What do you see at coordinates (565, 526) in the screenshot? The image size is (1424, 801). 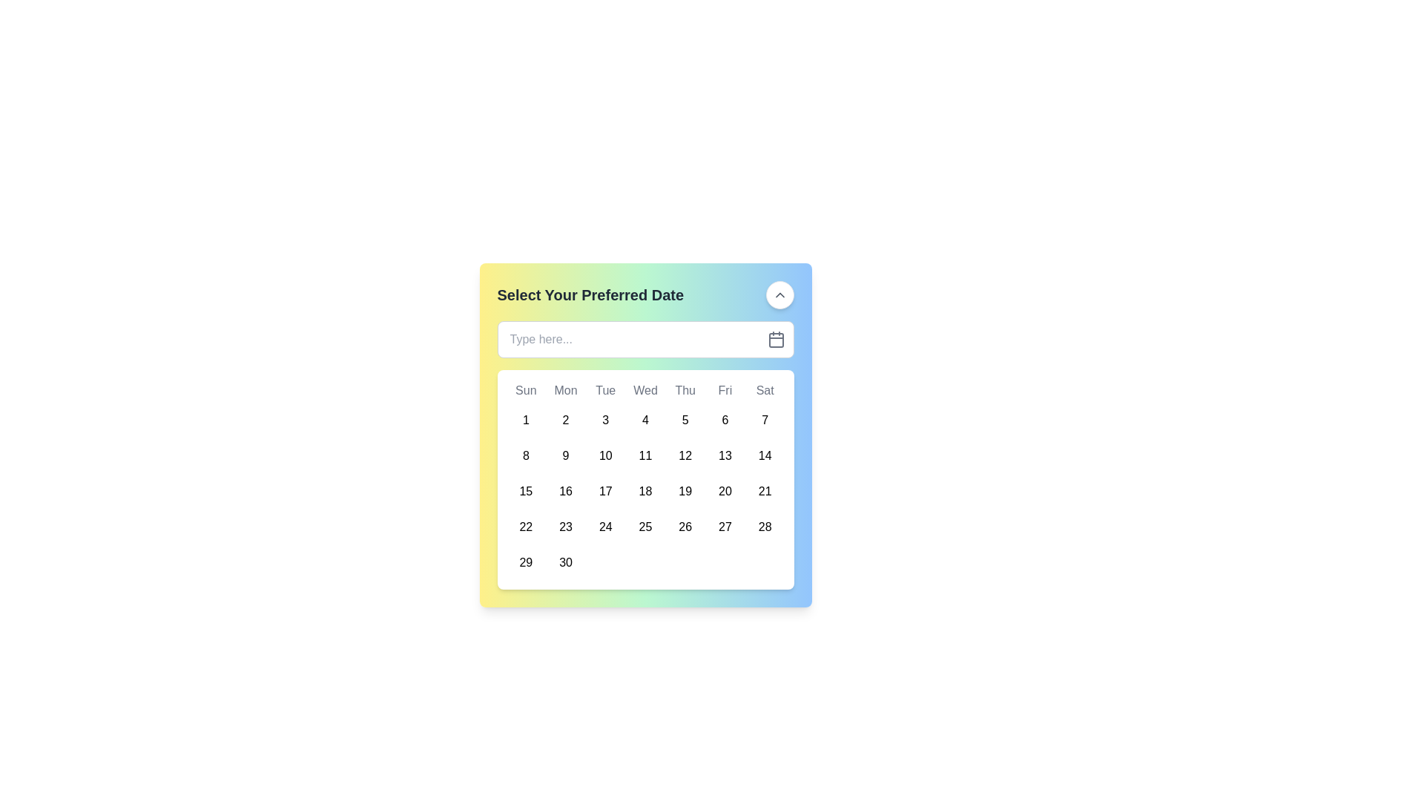 I see `the selectable date button for '23' in the calendar grid under 'Select Your Preferred Date'` at bounding box center [565, 526].